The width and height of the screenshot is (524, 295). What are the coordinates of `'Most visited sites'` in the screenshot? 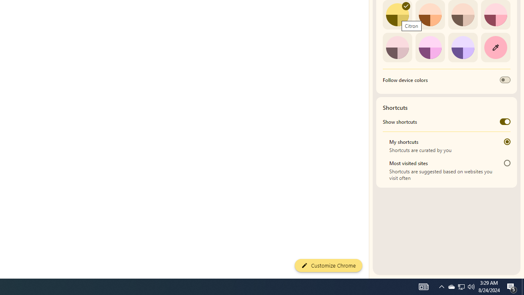 It's located at (507, 163).